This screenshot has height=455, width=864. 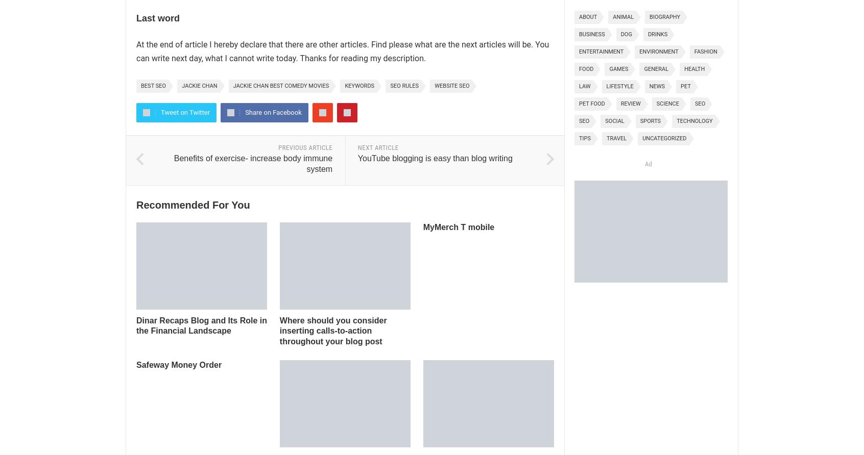 I want to click on 'YouTube blogging is easy than blog writing', so click(x=434, y=158).